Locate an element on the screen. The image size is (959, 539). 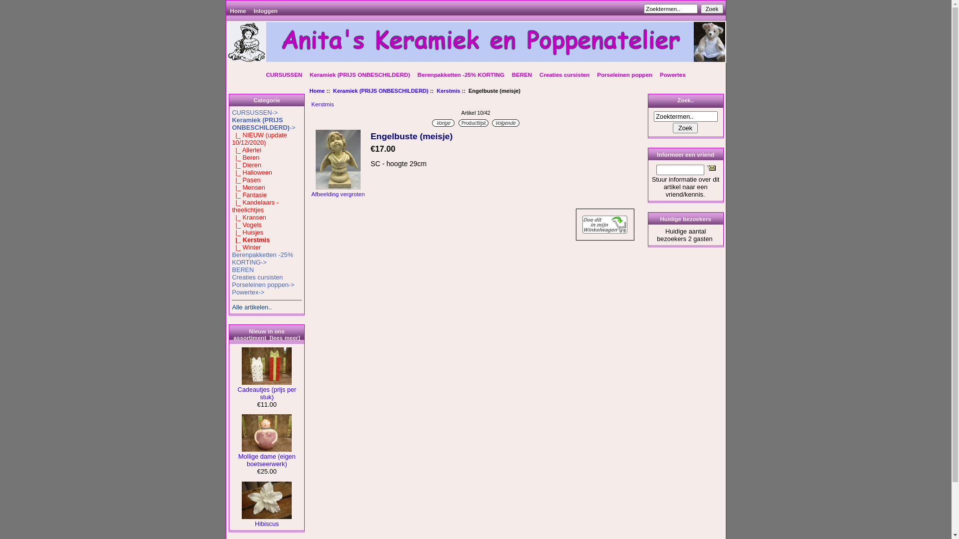
'  |_ Huisjes' is located at coordinates (231, 232).